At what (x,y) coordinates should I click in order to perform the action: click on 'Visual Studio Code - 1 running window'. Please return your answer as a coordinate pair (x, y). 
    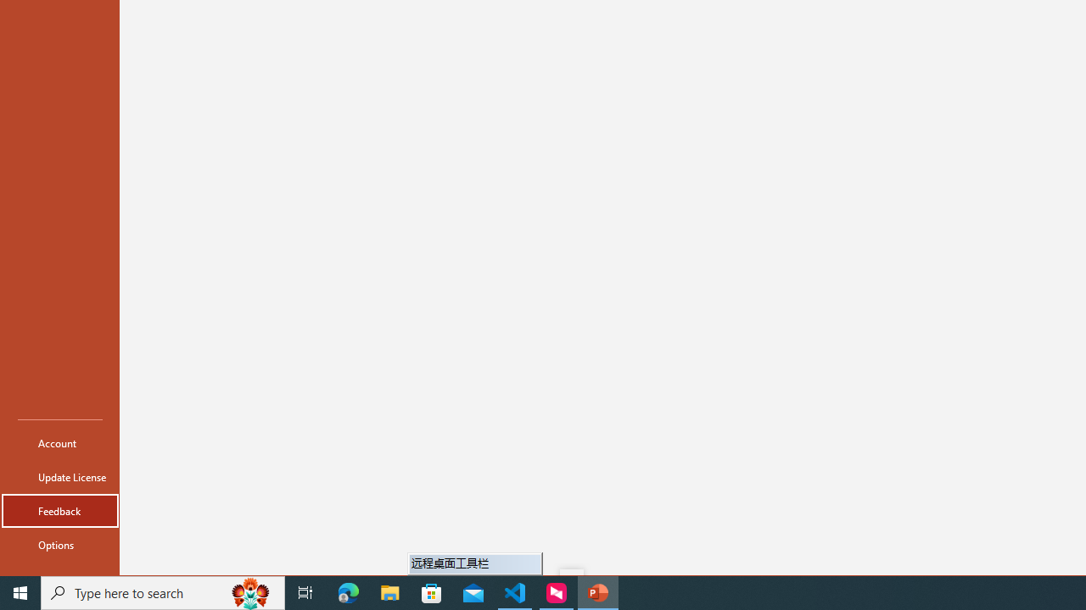
    Looking at the image, I should click on (514, 591).